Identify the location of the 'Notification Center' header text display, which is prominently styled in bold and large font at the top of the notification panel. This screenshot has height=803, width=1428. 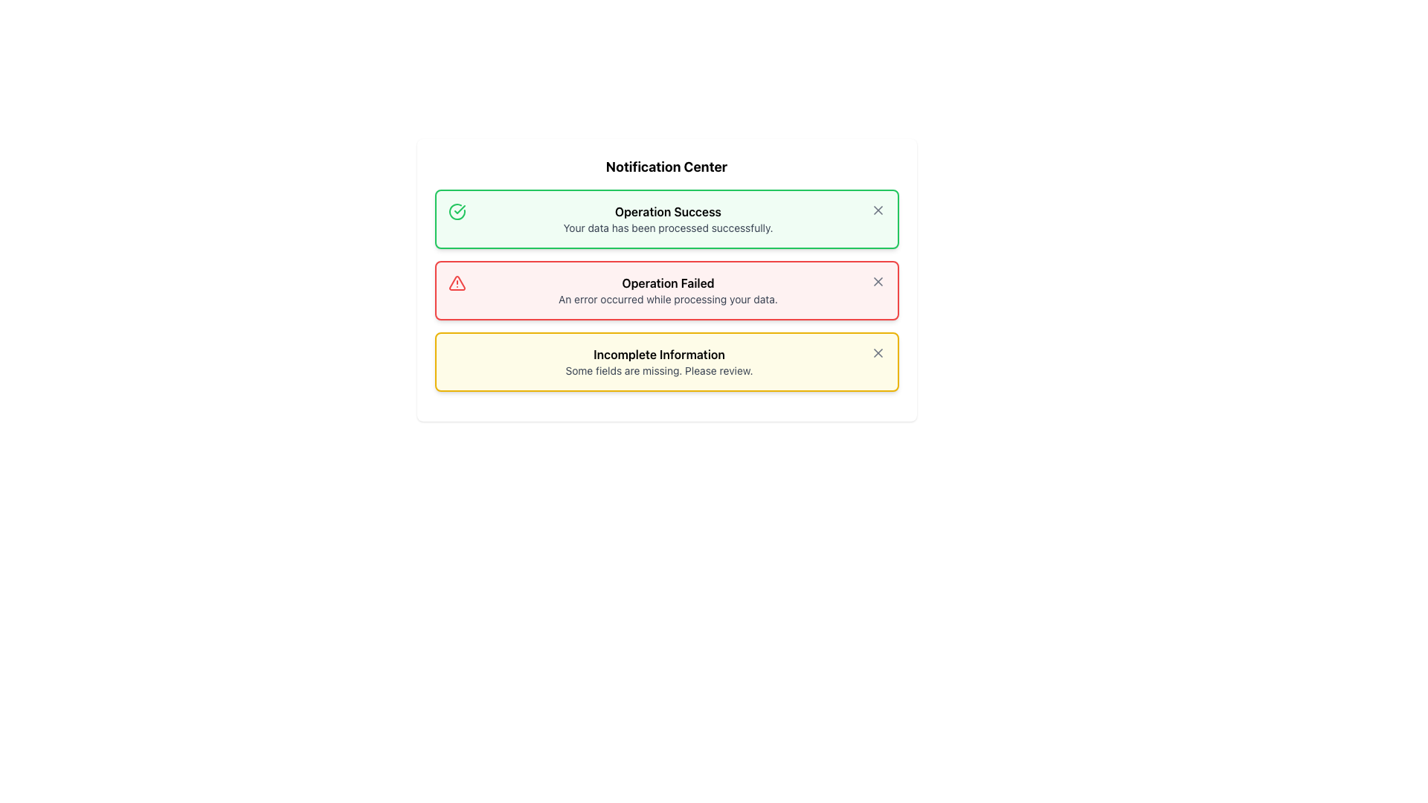
(666, 167).